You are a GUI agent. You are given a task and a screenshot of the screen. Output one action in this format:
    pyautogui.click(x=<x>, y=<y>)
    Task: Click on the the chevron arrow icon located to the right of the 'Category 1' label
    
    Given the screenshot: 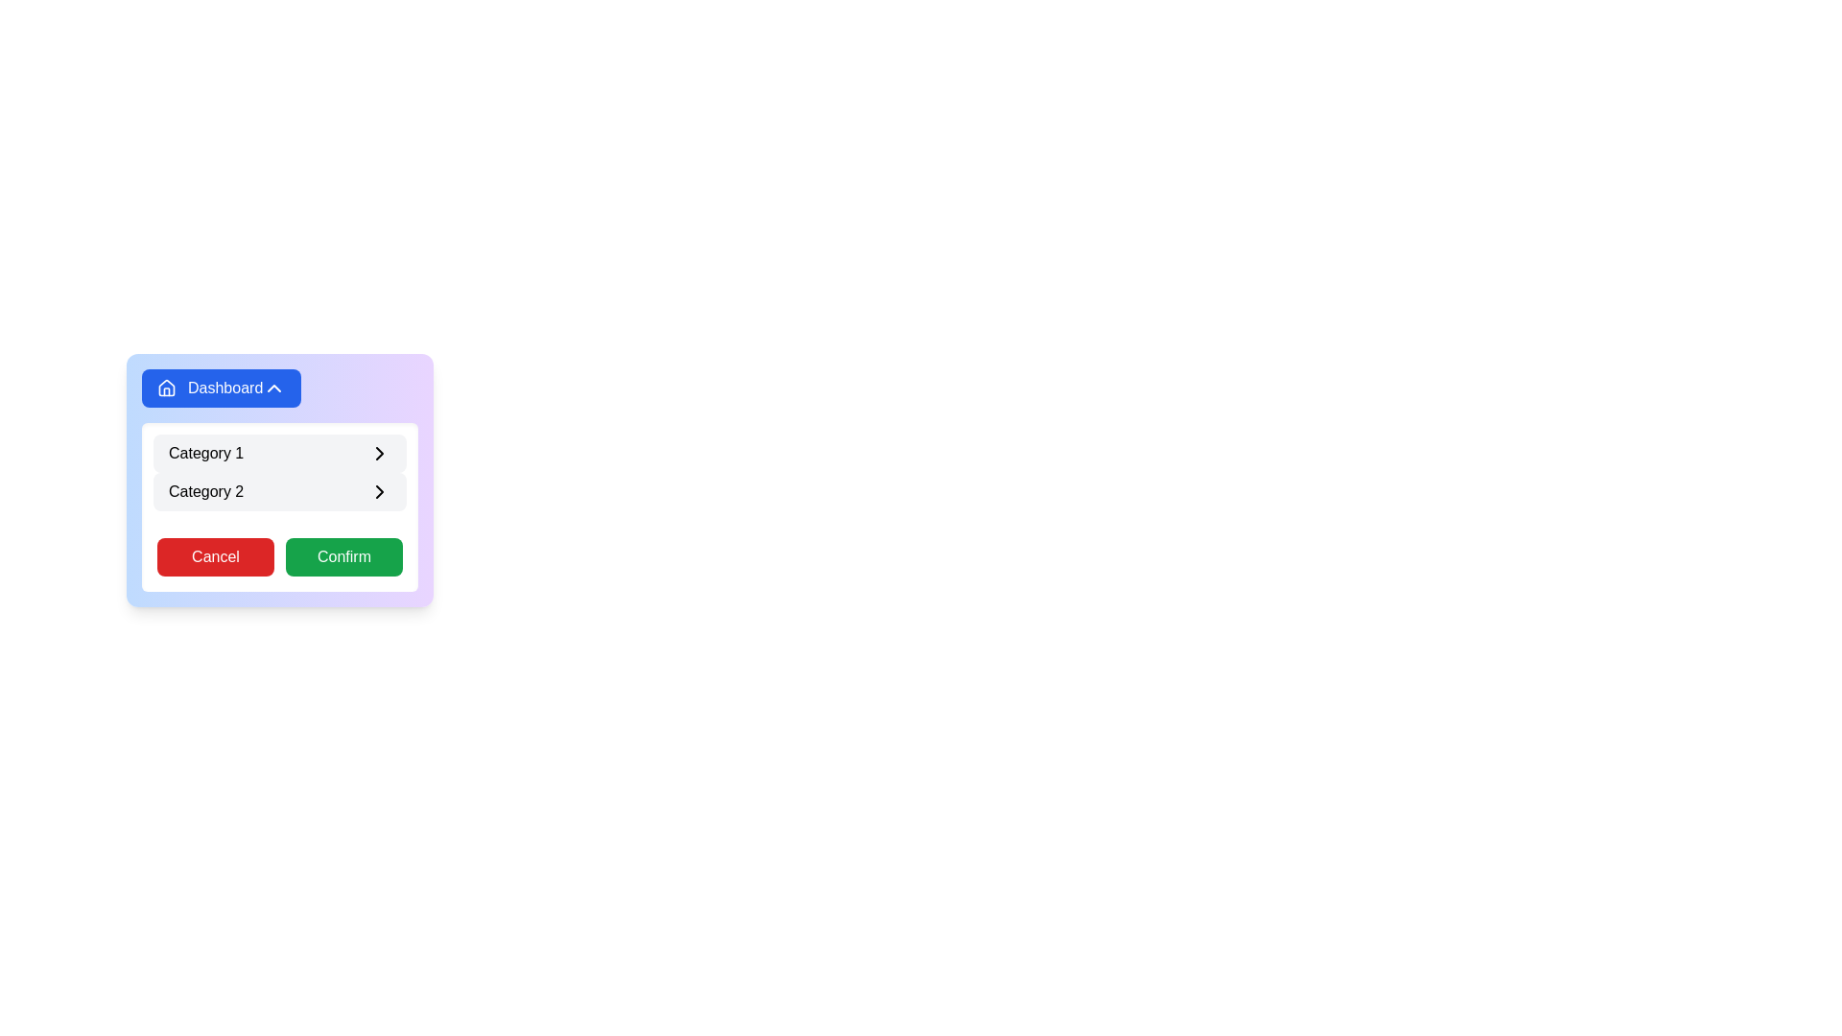 What is the action you would take?
    pyautogui.click(x=379, y=454)
    